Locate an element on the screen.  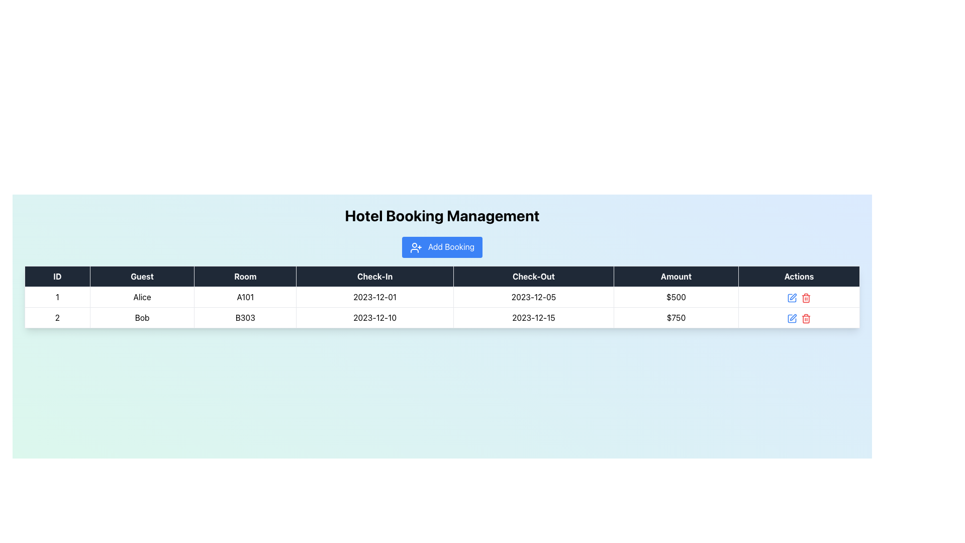
the red trash can icon located in the 'Actions' column of the second row in the table is located at coordinates (806, 317).